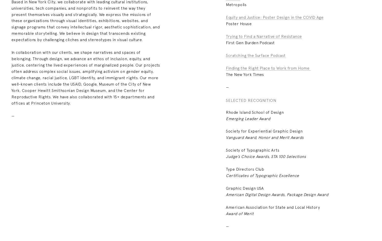  What do you see at coordinates (274, 17) in the screenshot?
I see `'Equity and Justice: Poster Design in the COVID Age'` at bounding box center [274, 17].